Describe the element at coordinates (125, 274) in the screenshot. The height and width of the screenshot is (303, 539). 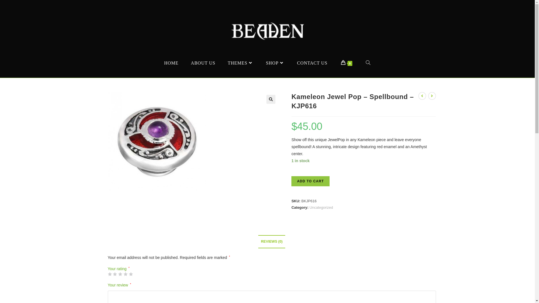
I see `'4'` at that location.